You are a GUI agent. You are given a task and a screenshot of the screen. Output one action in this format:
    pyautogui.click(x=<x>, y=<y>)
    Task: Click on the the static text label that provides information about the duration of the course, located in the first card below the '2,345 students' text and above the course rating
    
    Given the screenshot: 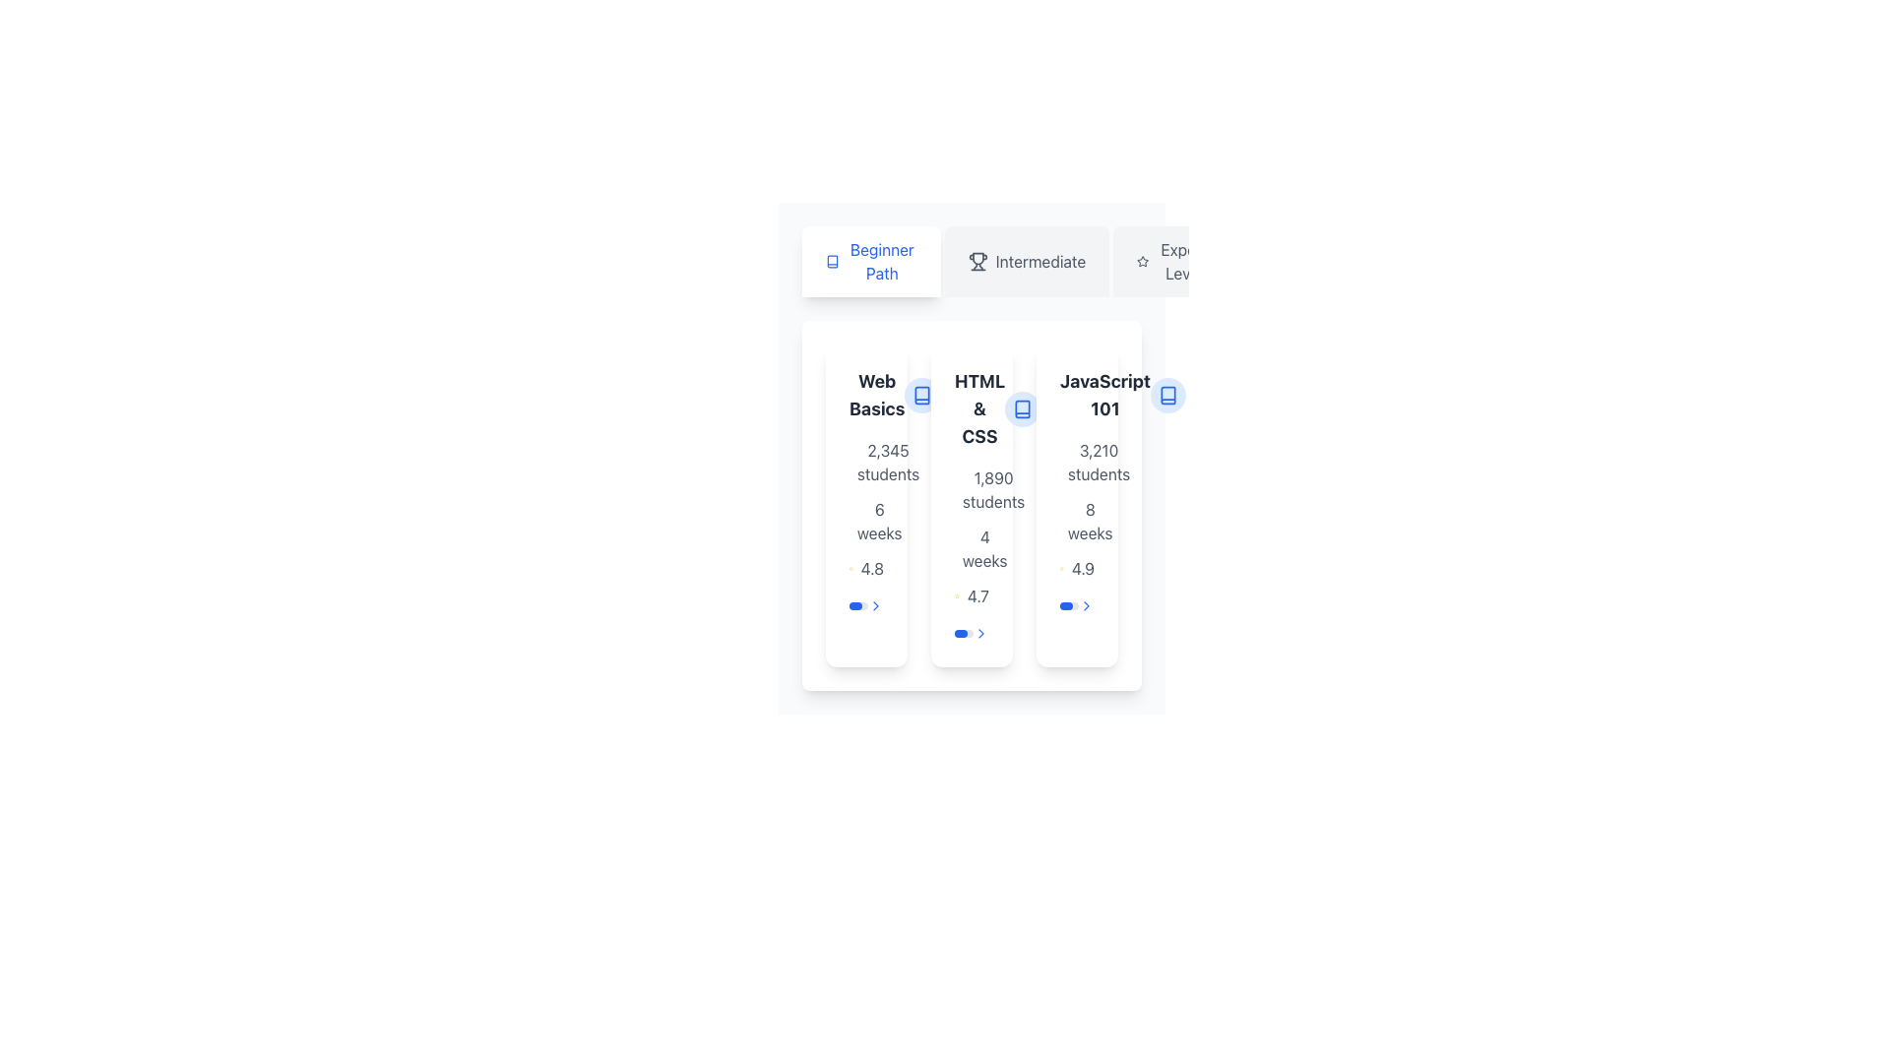 What is the action you would take?
    pyautogui.click(x=878, y=520)
    